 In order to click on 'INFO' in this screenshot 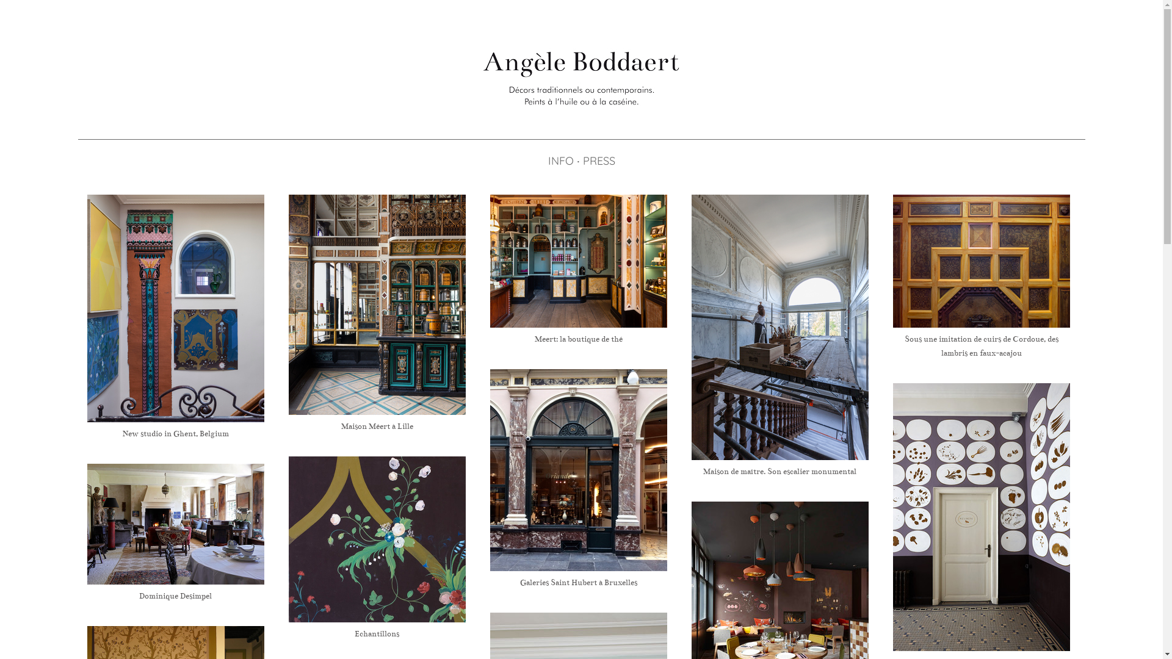, I will do `click(559, 160)`.